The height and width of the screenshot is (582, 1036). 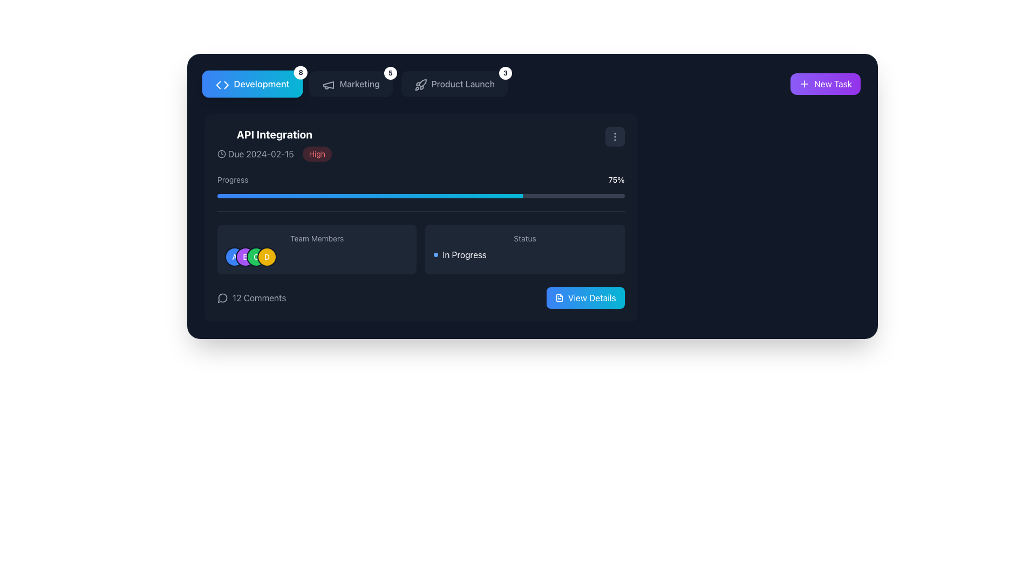 What do you see at coordinates (825, 83) in the screenshot?
I see `the 'New Task' button with a gradient background and white text to visualize its hover effects` at bounding box center [825, 83].